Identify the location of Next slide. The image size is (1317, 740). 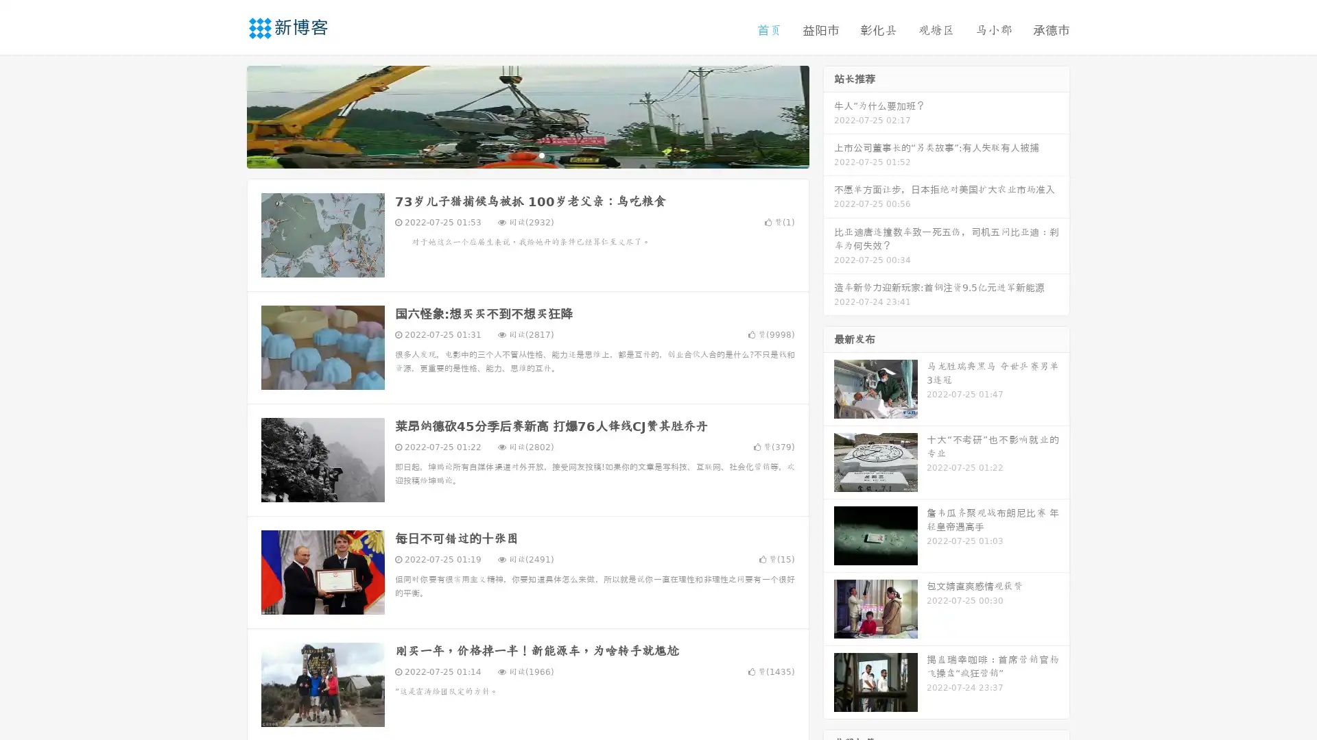
(829, 115).